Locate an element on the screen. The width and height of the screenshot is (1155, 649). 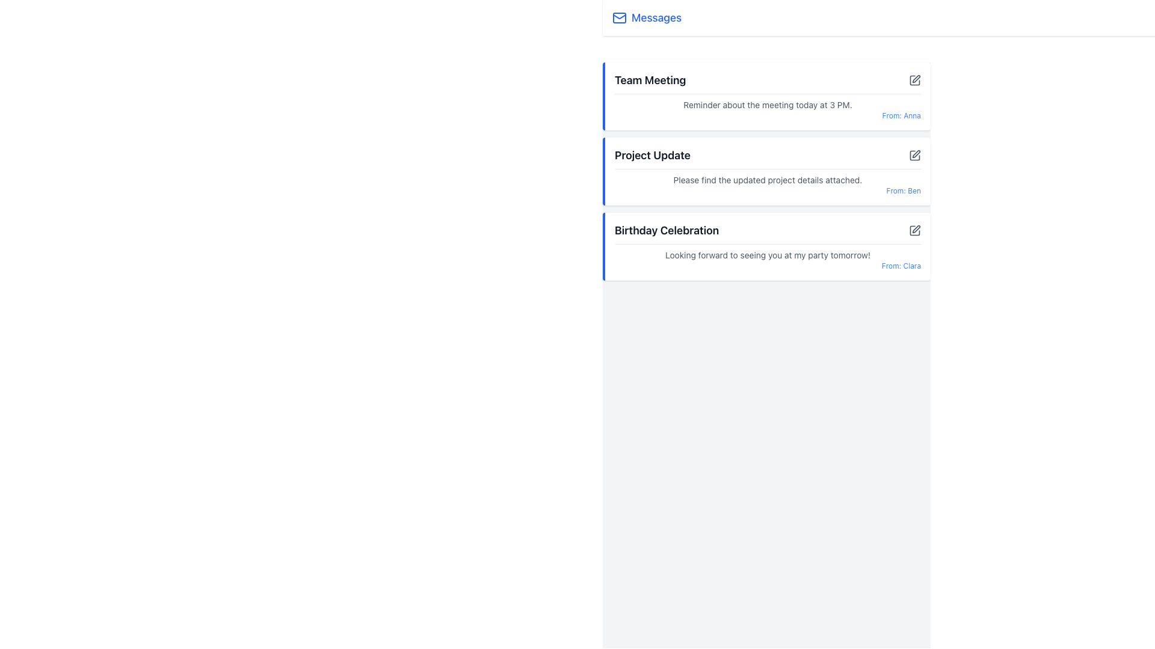
the first navigation link or menu item associated with messages, positioned on the left side of the header section is located at coordinates (646, 18).